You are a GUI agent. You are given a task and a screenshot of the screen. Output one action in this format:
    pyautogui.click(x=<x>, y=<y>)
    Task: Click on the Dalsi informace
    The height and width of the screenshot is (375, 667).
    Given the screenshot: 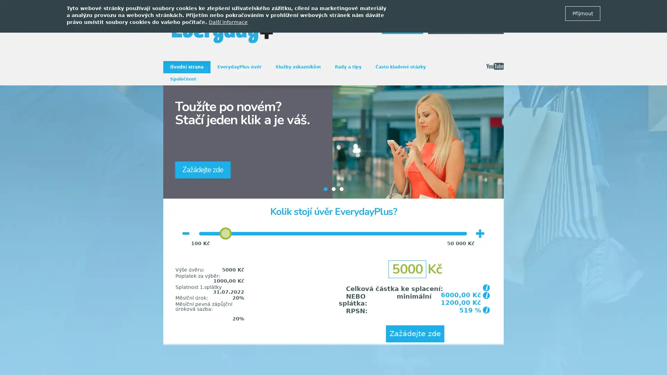 What is the action you would take?
    pyautogui.click(x=228, y=22)
    